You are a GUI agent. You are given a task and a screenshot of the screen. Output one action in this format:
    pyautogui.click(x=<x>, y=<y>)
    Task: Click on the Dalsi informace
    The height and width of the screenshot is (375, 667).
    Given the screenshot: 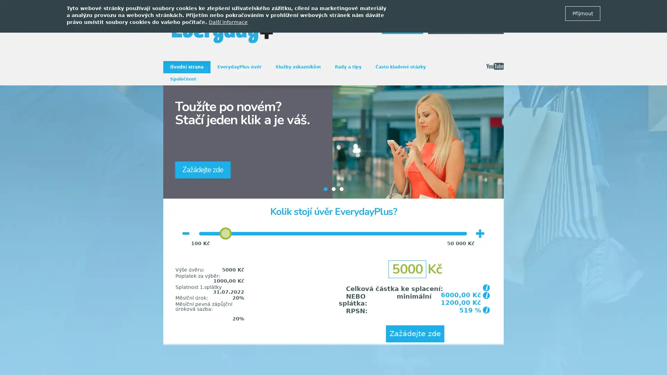 What is the action you would take?
    pyautogui.click(x=228, y=22)
    